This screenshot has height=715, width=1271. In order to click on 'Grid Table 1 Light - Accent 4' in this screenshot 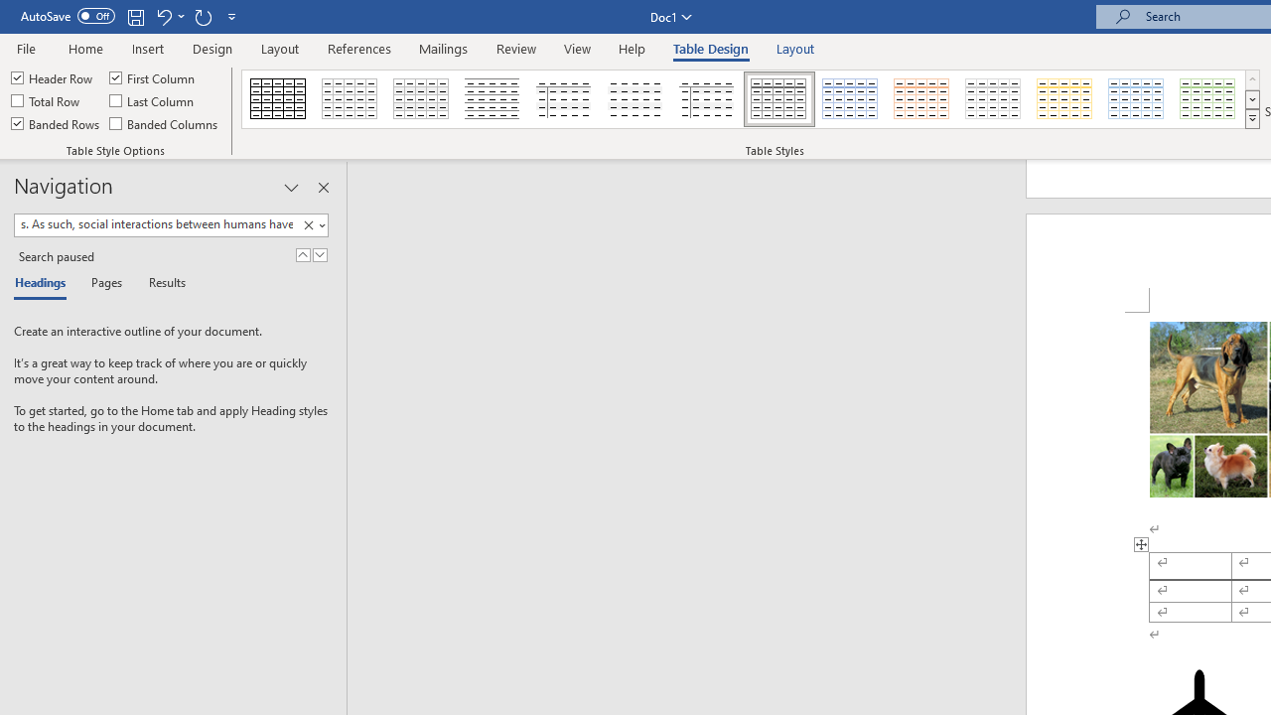, I will do `click(1063, 99)`.